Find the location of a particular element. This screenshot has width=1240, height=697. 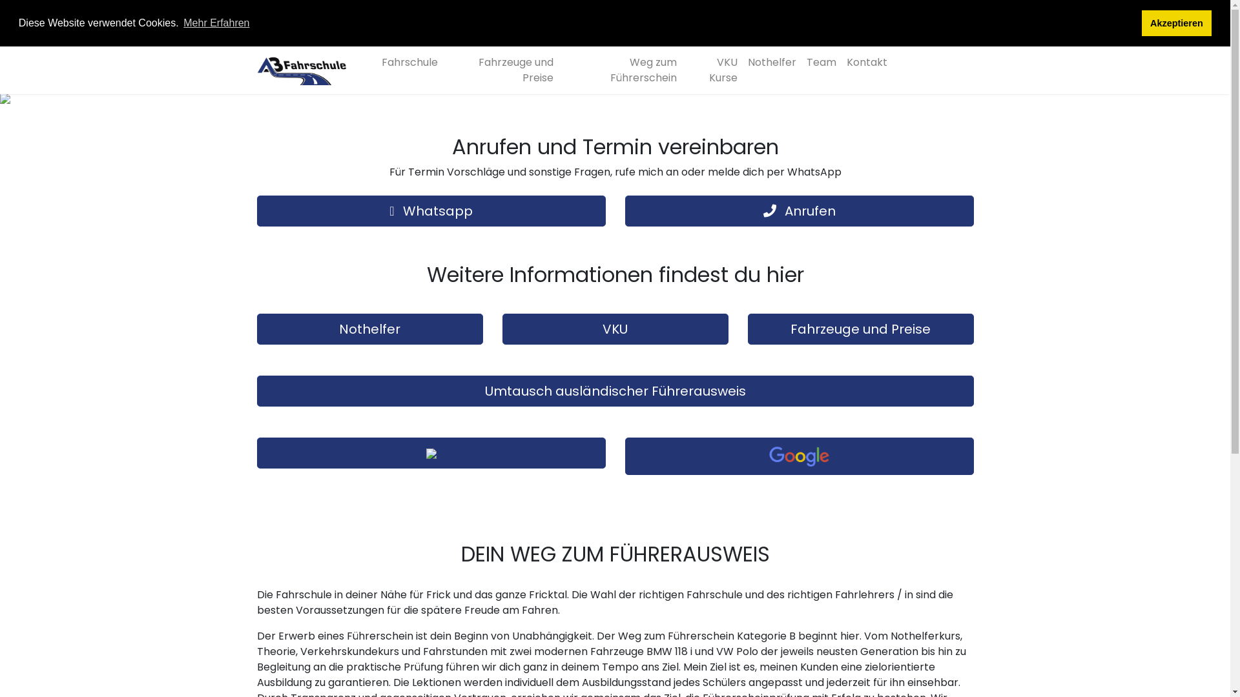

'Whatsapp' is located at coordinates (431, 210).